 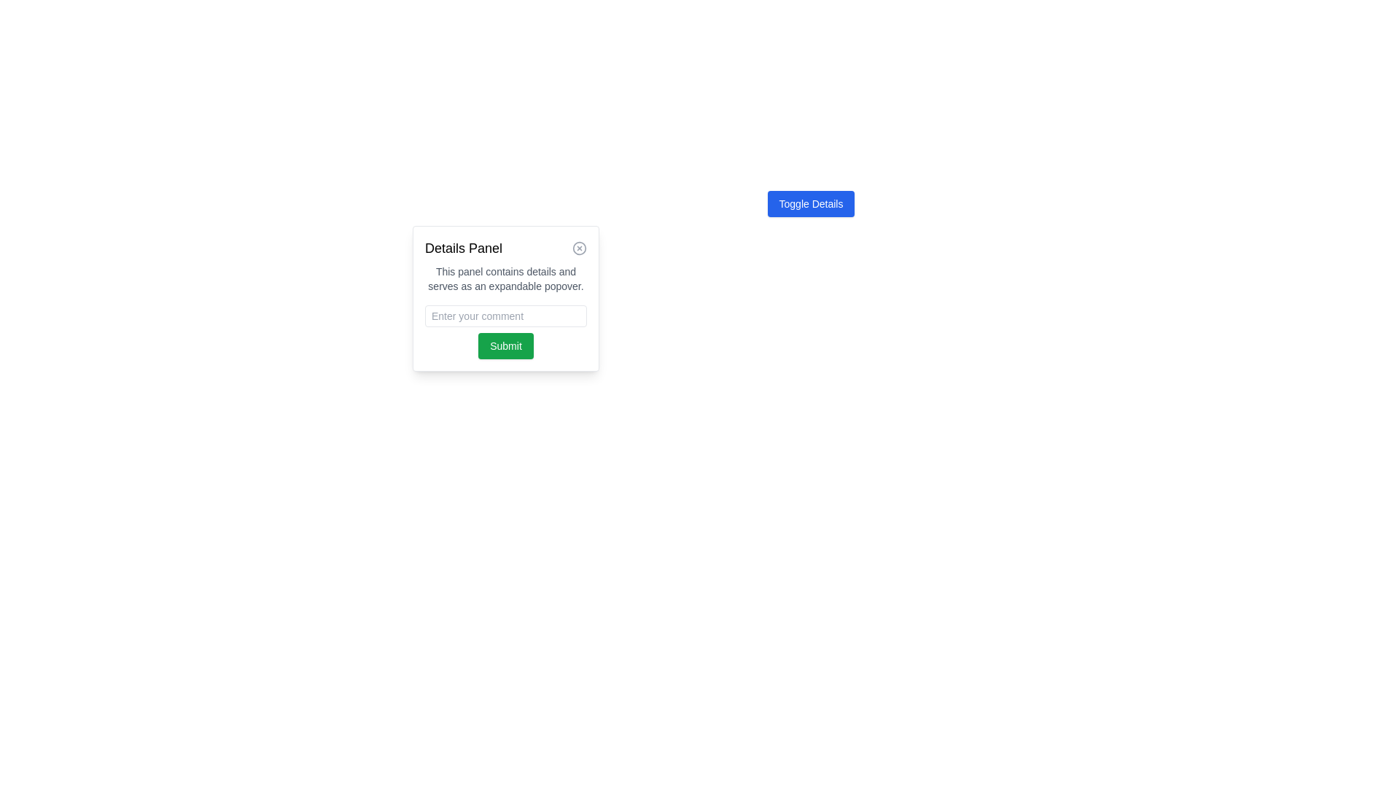 What do you see at coordinates (579, 247) in the screenshot?
I see `the circular gray button with a close (X) icon located in the top-right corner of the 'Details Panel' card` at bounding box center [579, 247].